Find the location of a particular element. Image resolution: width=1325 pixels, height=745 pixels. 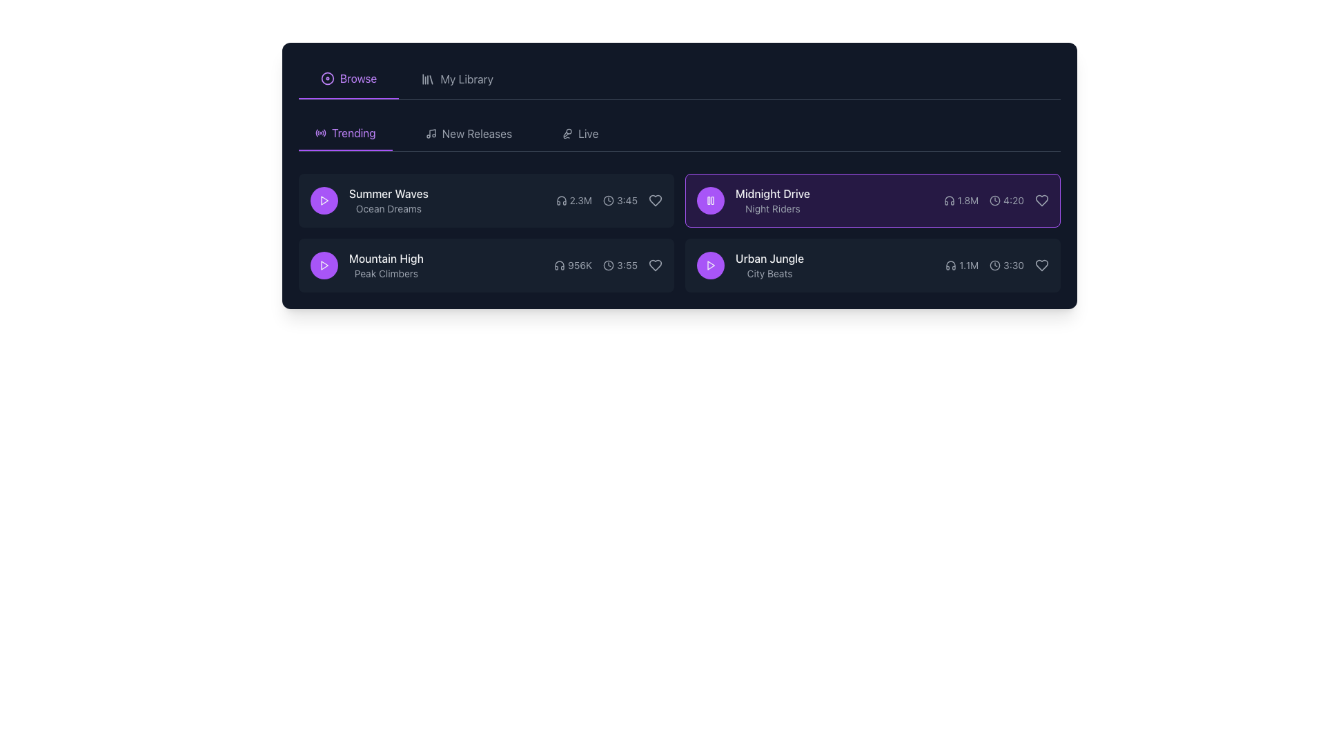

to select the second audio track entry in the list, which contains metadata including title, artist, number of plays, and duration is located at coordinates (487, 266).